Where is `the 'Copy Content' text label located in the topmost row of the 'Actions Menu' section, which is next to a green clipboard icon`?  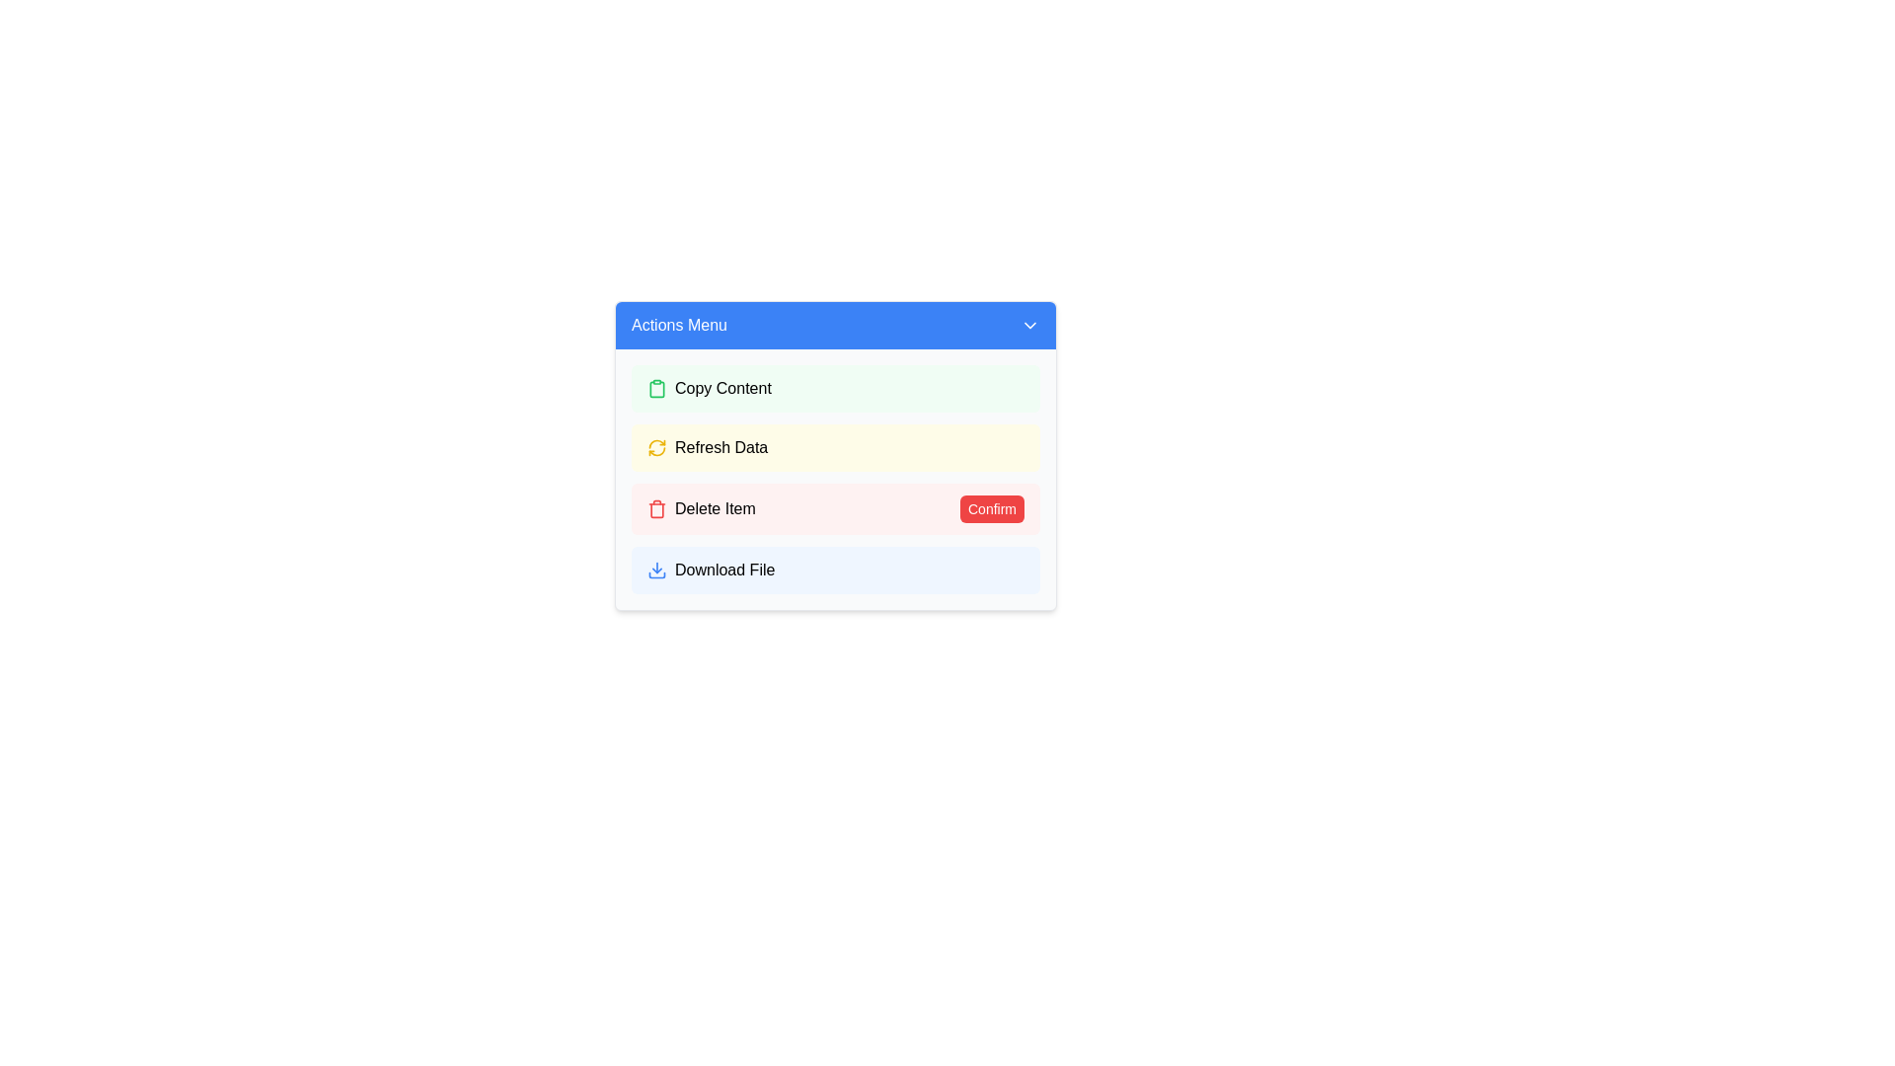
the 'Copy Content' text label located in the topmost row of the 'Actions Menu' section, which is next to a green clipboard icon is located at coordinates (721, 388).